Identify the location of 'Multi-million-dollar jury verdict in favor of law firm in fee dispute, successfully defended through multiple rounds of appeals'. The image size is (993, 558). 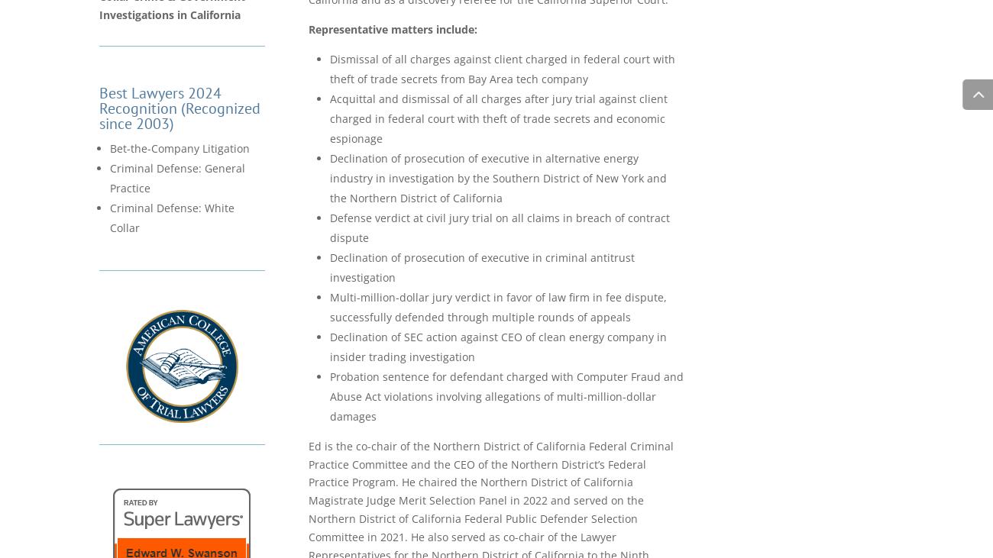
(497, 306).